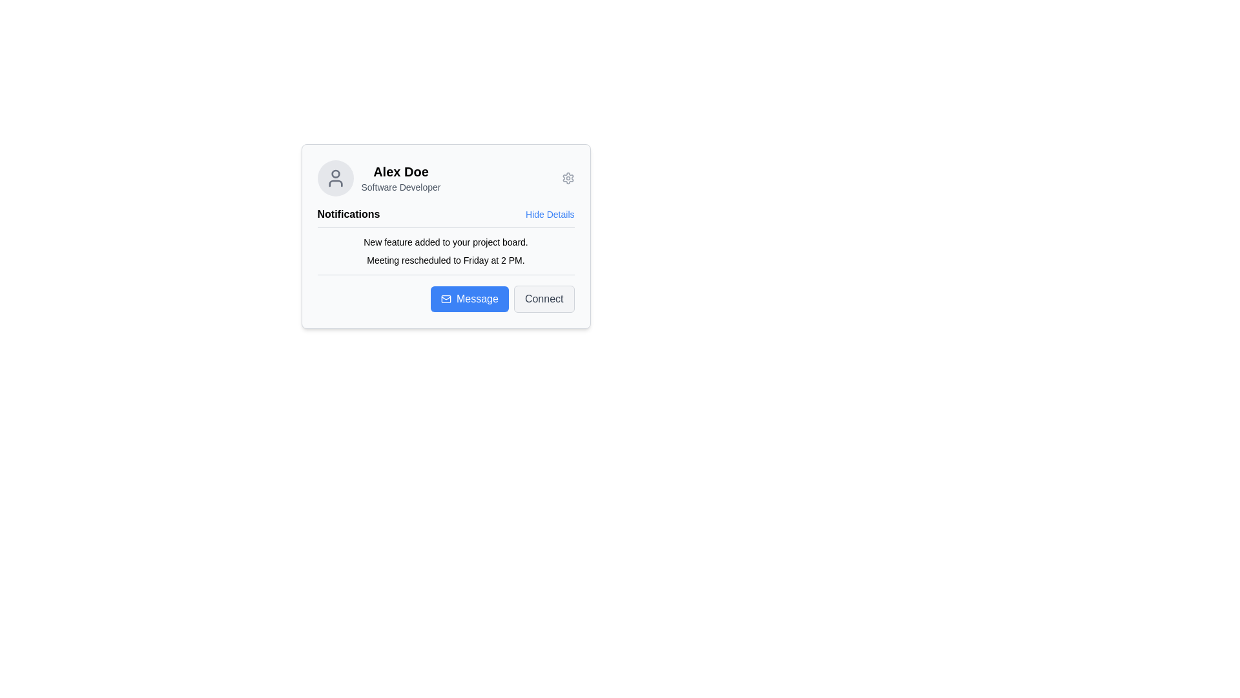 The image size is (1240, 698). Describe the element at coordinates (568, 178) in the screenshot. I see `the settings icon button located at the top-right corner of the card displaying 'Alex Doe - Software Developer'` at that location.